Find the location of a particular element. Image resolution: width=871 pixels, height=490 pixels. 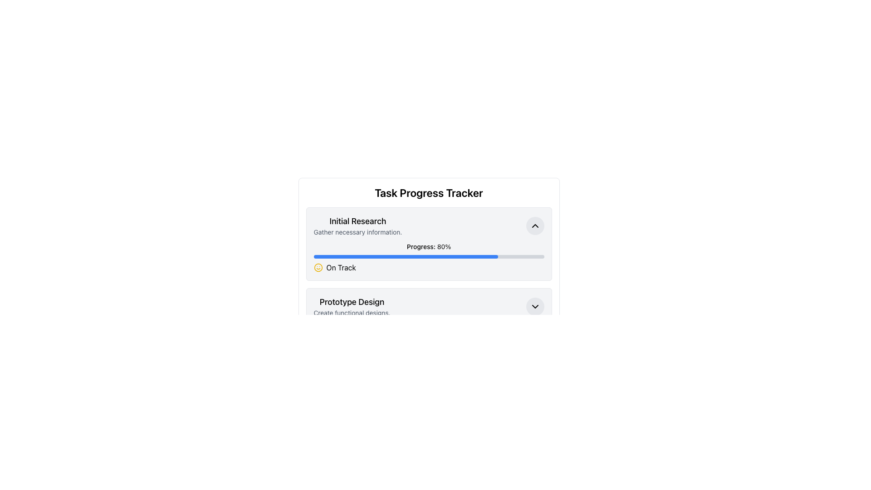

the progress bar labeled 'Progress: 80%' within the task information card titled 'Initial Research', which displays a blue fill and an 'On Track' label with a yellow smiley face icon is located at coordinates (428, 257).